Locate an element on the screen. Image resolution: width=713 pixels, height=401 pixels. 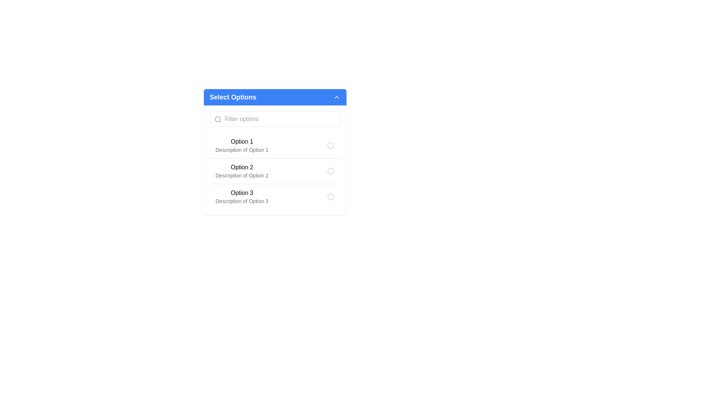
text label 'Description of Option 2', which is styled in a smaller gray font and located below 'Option 2' in the dropdown menu is located at coordinates (242, 176).